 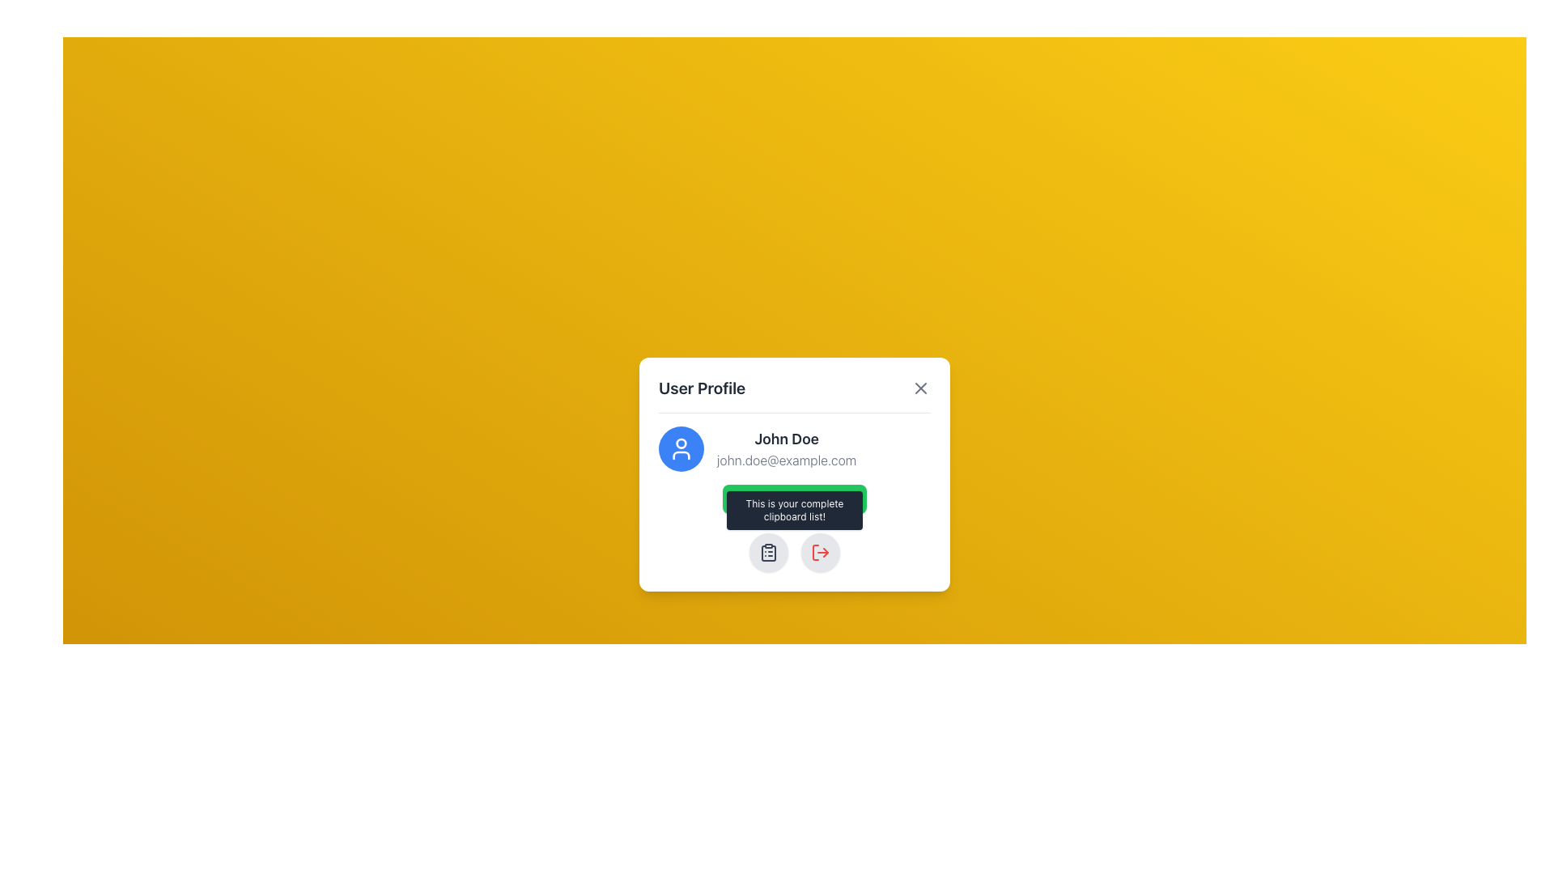 I want to click on the interactive button in the User Profile Card Segment to change its color, so click(x=795, y=469).